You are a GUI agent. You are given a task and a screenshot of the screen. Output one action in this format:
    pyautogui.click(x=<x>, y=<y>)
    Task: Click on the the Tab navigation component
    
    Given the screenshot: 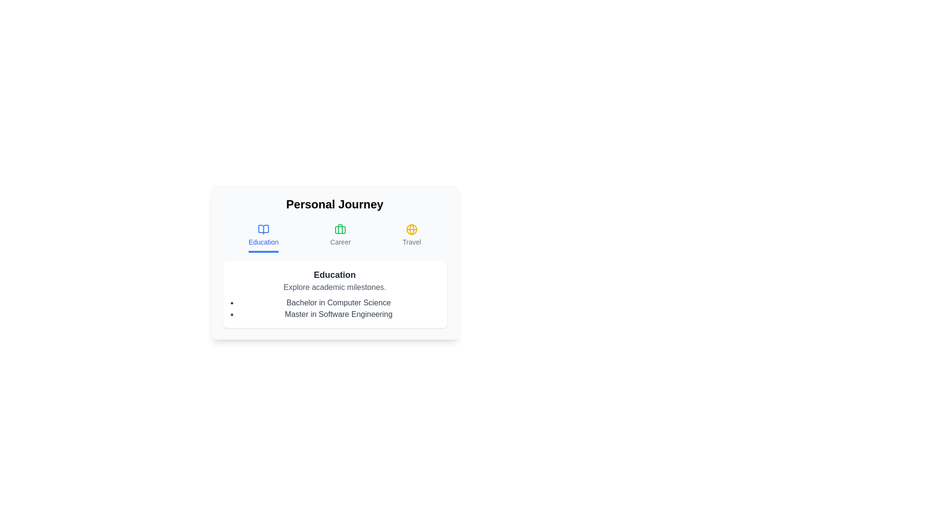 What is the action you would take?
    pyautogui.click(x=335, y=238)
    